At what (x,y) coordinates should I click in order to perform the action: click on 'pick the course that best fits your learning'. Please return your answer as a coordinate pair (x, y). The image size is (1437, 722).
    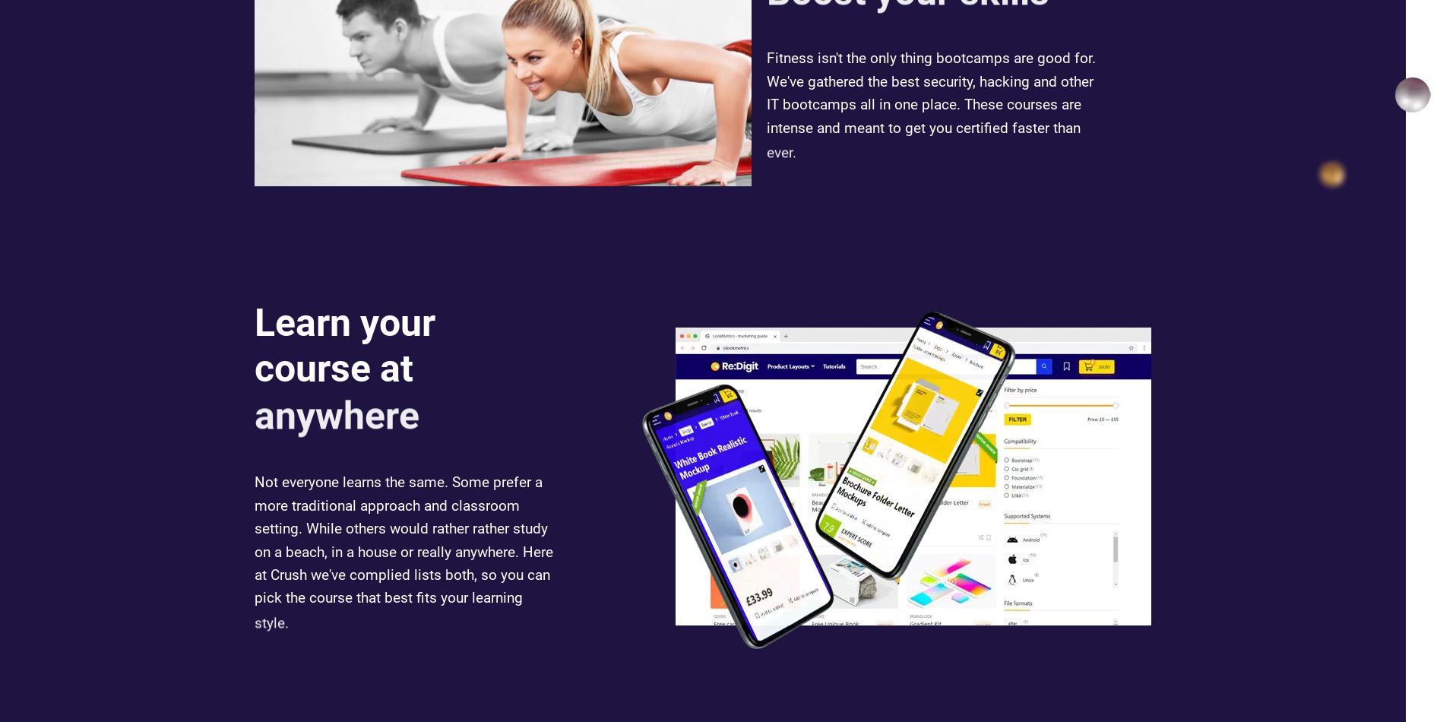
    Looking at the image, I should click on (388, 619).